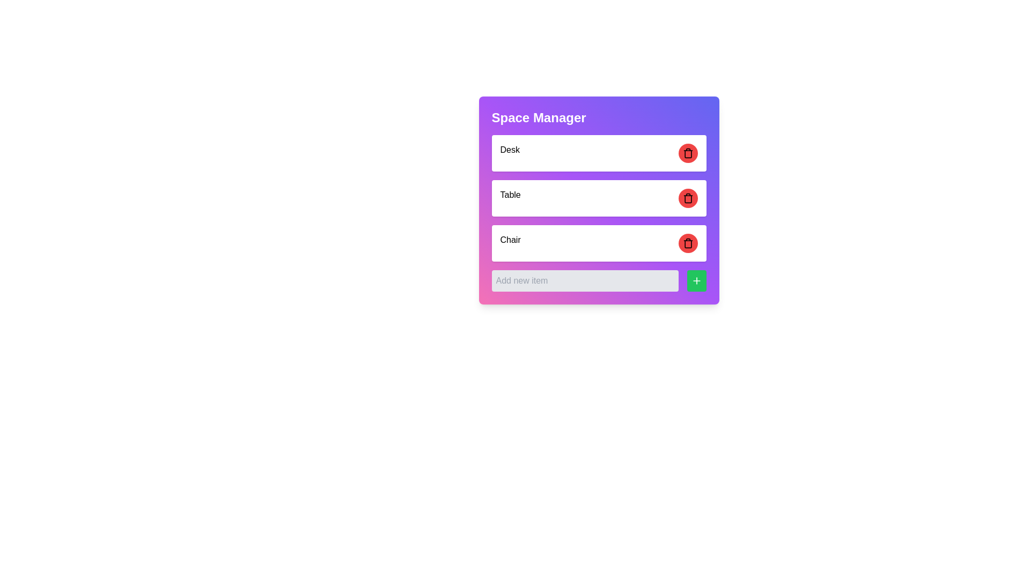 The width and height of the screenshot is (1030, 579). I want to click on the input field labeled 'Add new item' located at the bottom of the 'Space Manager' card to focus on it, so click(598, 280).